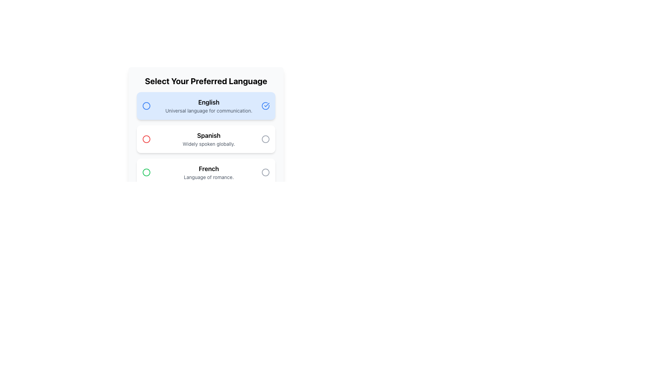  Describe the element at coordinates (206, 106) in the screenshot. I see `the selectable card representing the 'English' language preference, which is the first option in the list under the title 'Select Your Preferred Language.'` at that location.